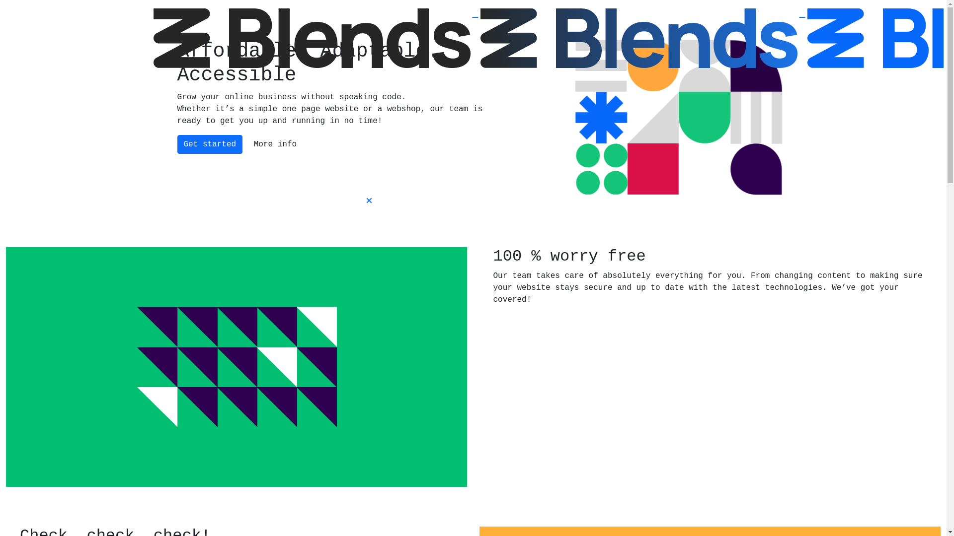 Image resolution: width=954 pixels, height=536 pixels. I want to click on 'Get started', so click(209, 144).